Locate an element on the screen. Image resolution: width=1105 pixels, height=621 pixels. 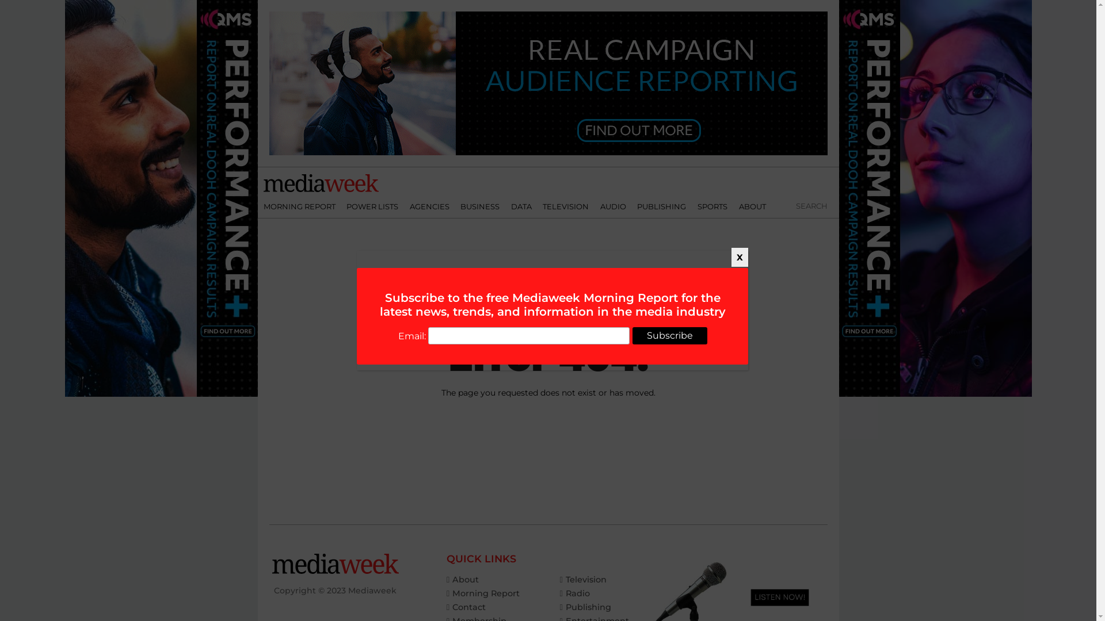
'DATA' is located at coordinates (521, 205).